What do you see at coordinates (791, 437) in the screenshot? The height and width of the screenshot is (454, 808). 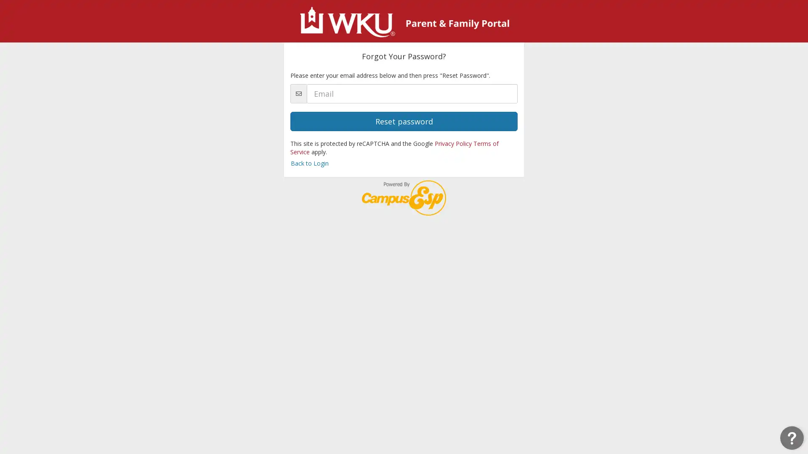 I see `Open Resource Center` at bounding box center [791, 437].